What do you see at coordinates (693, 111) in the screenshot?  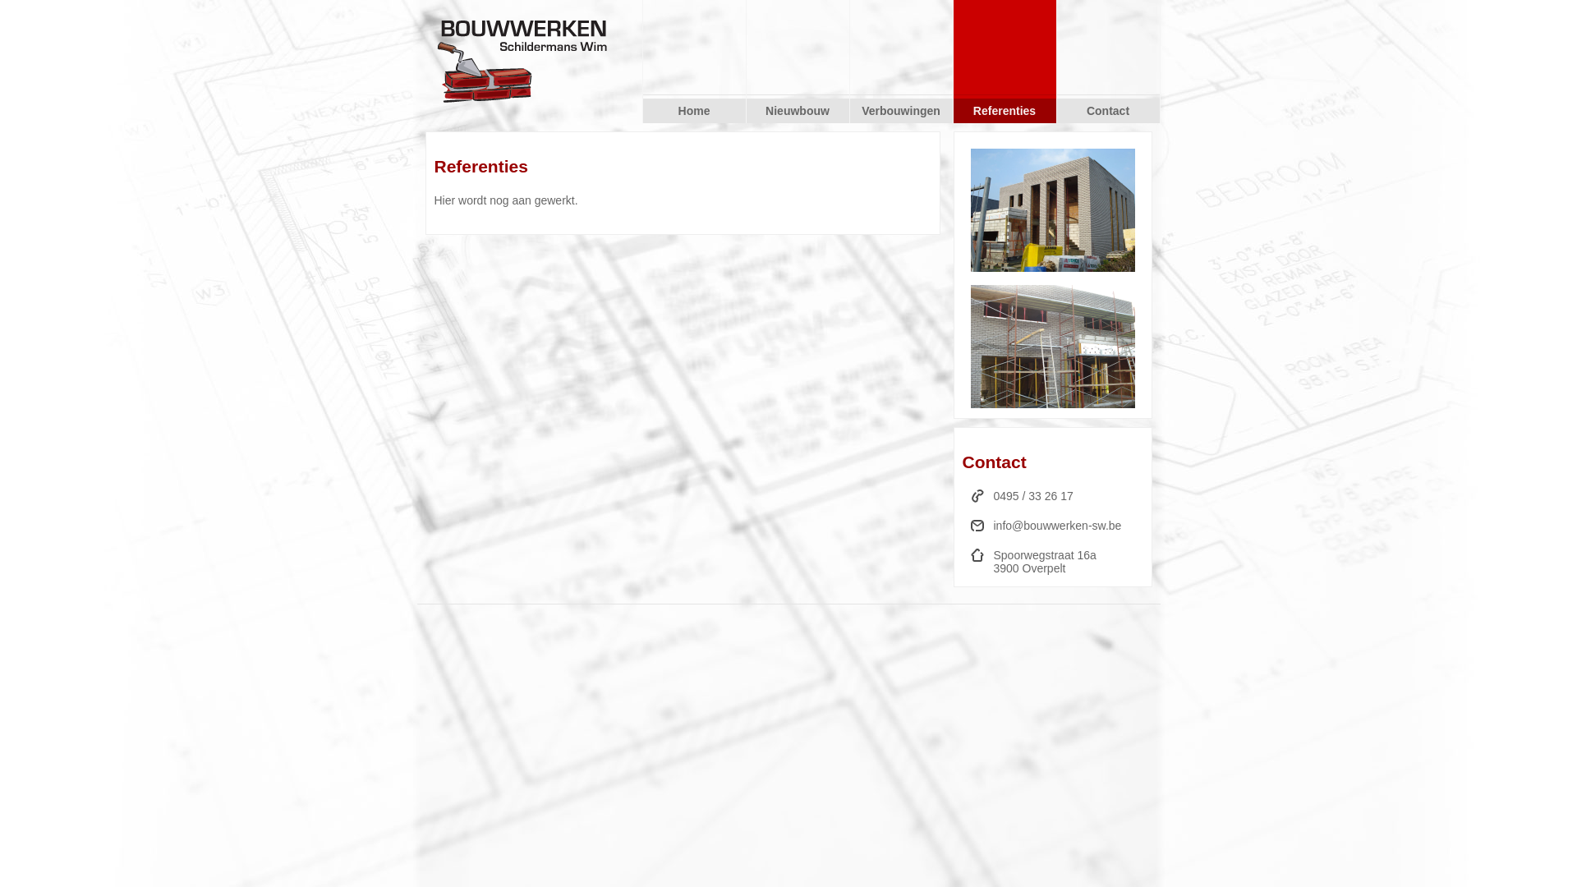 I see `'Home'` at bounding box center [693, 111].